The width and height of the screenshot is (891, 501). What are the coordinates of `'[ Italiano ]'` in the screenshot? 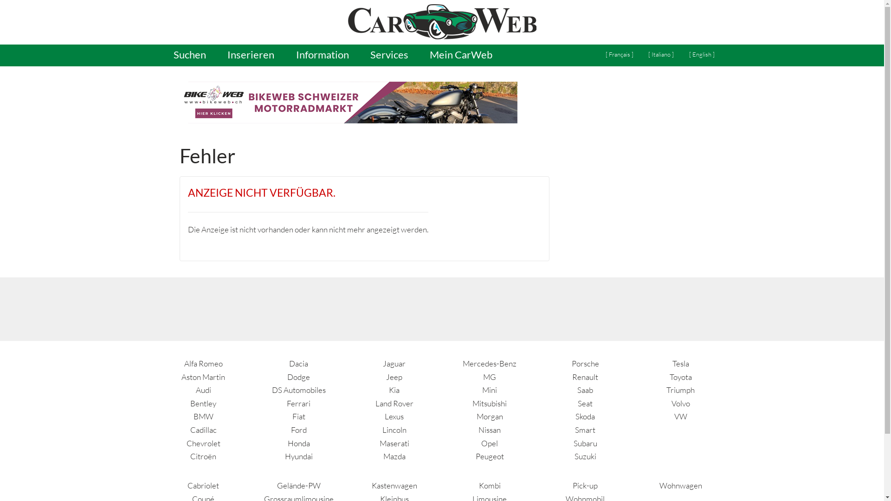 It's located at (660, 55).